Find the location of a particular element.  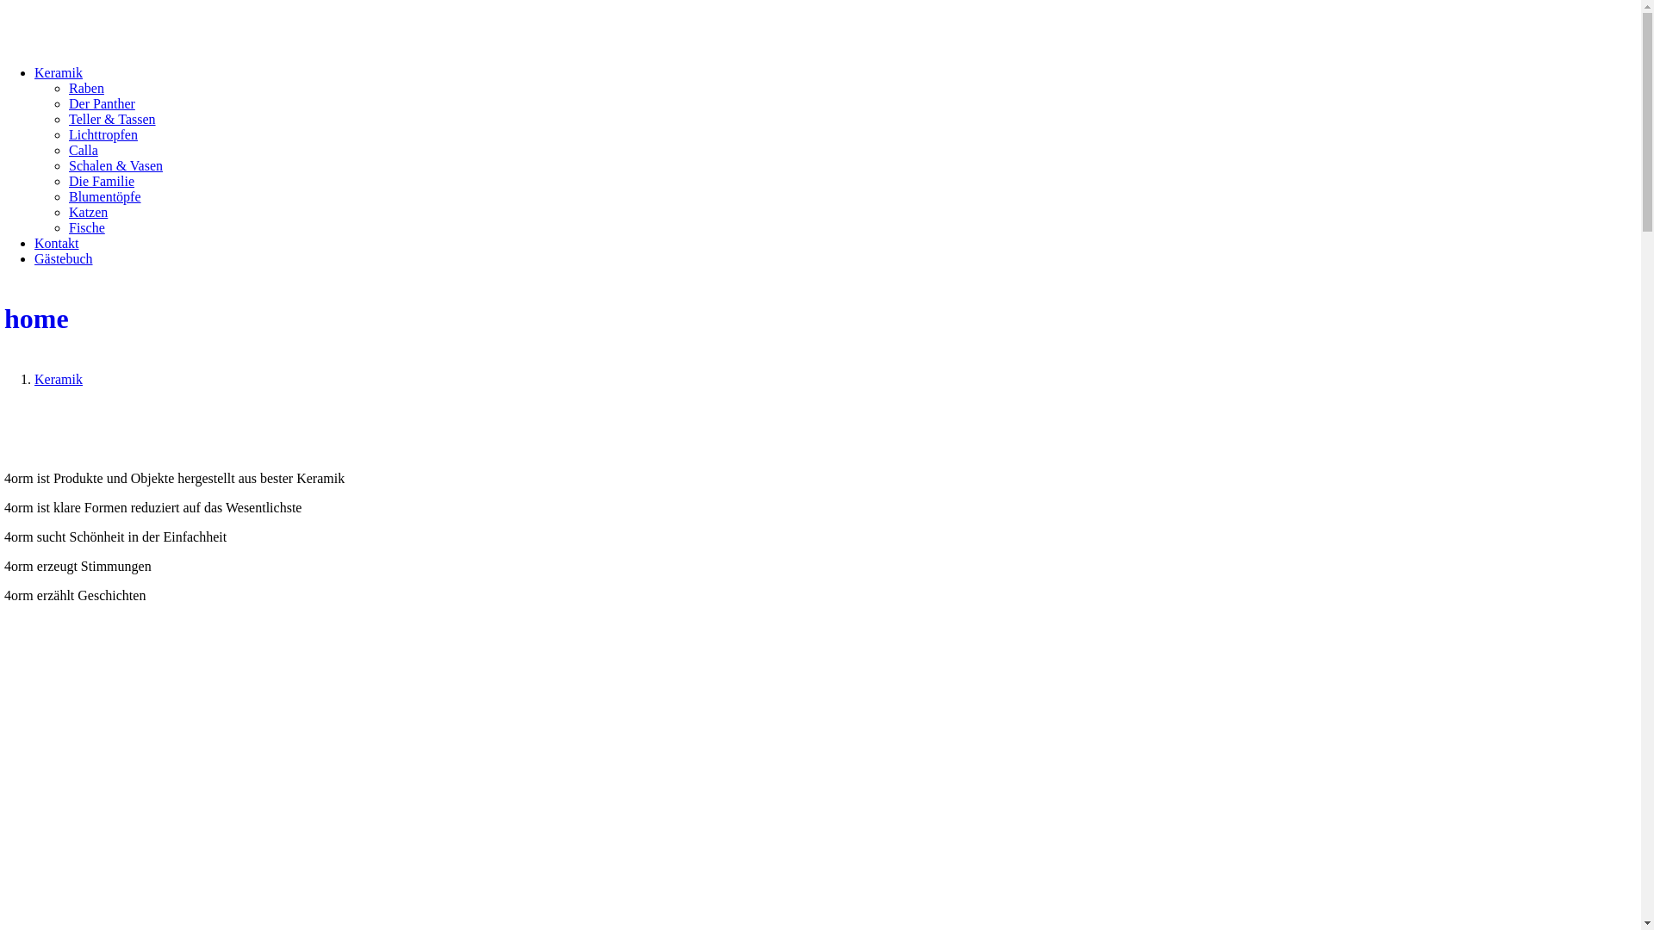

'Der Panther' is located at coordinates (101, 103).